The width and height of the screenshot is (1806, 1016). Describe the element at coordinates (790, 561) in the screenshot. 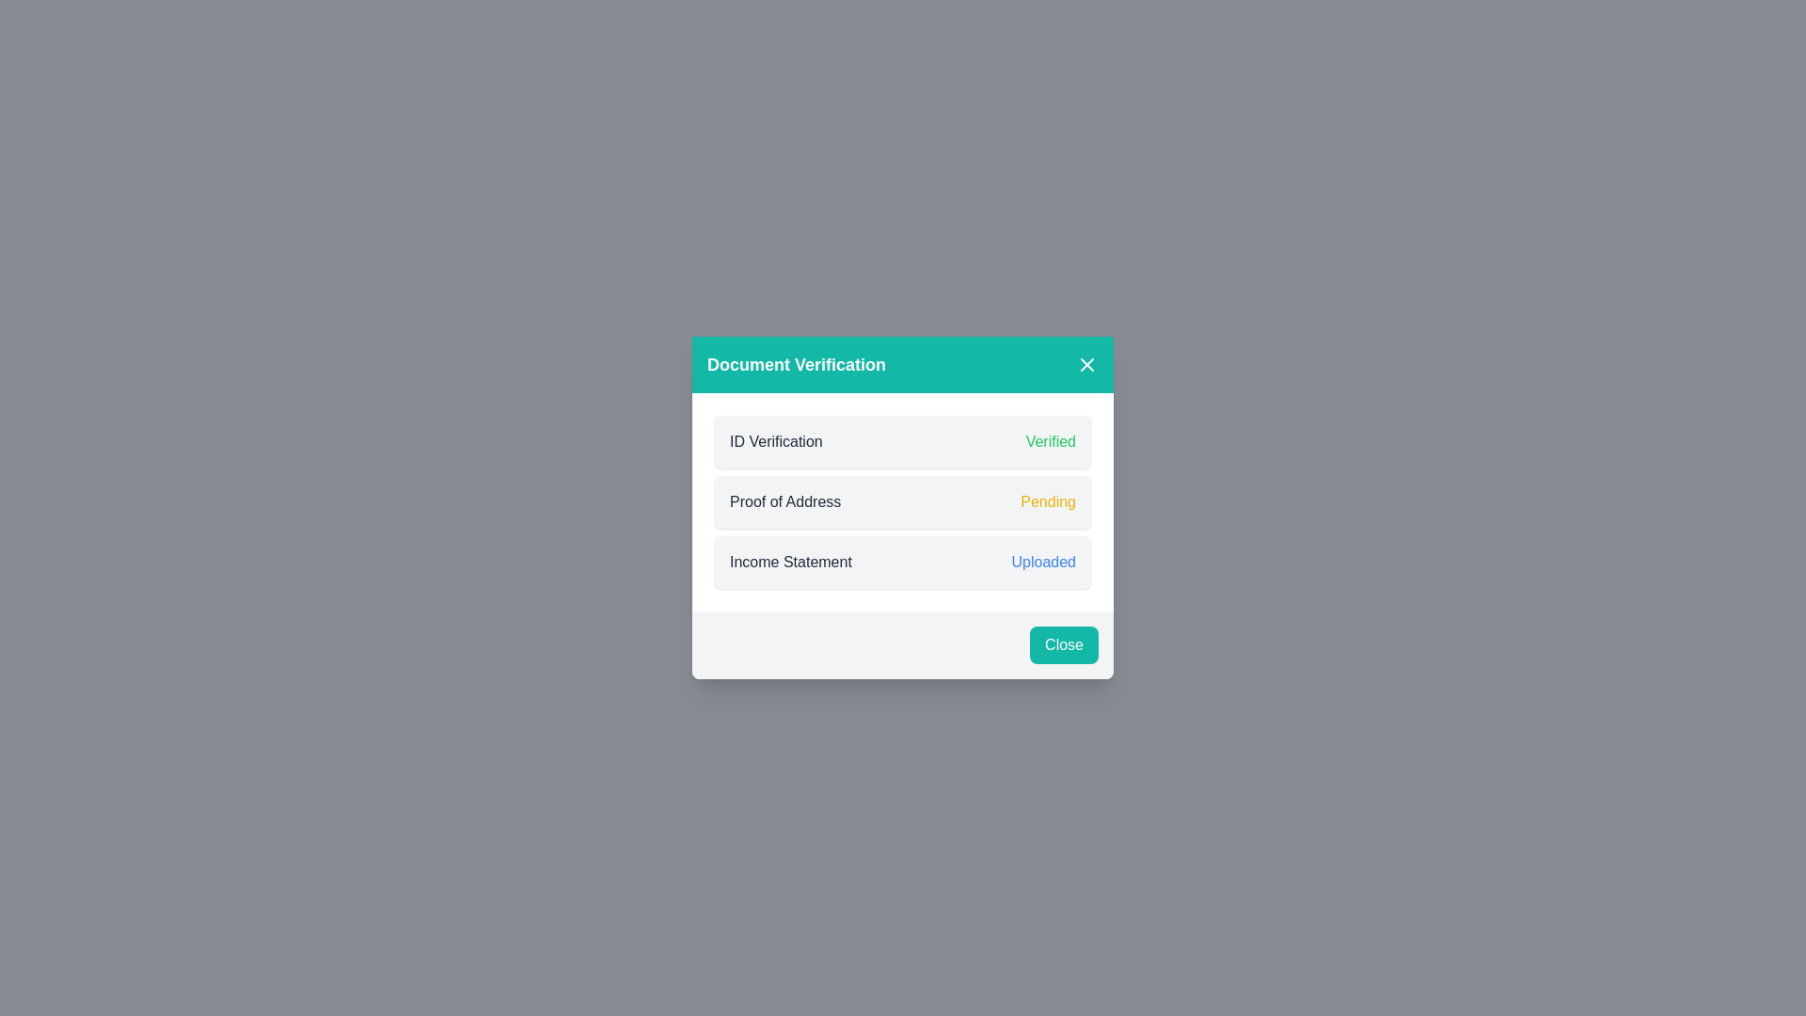

I see `the static text label that identifies the document type as 'Income Statement' in the 'Document Verification' modal interface, which is located in the third row above the 'Close' button` at that location.